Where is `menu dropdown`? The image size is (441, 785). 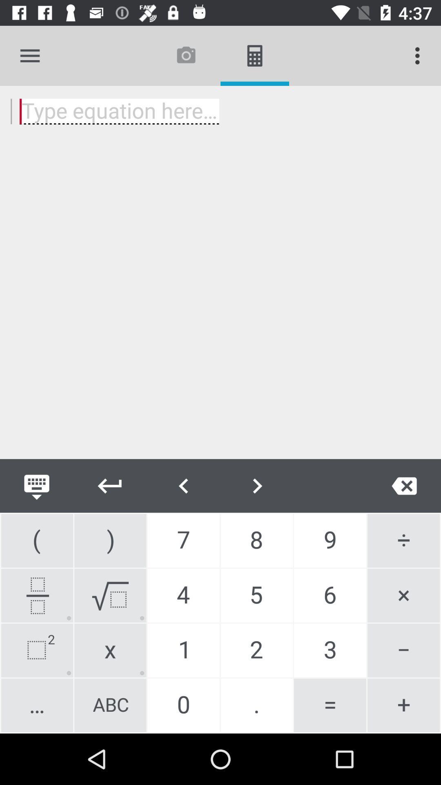
menu dropdown is located at coordinates (29, 55).